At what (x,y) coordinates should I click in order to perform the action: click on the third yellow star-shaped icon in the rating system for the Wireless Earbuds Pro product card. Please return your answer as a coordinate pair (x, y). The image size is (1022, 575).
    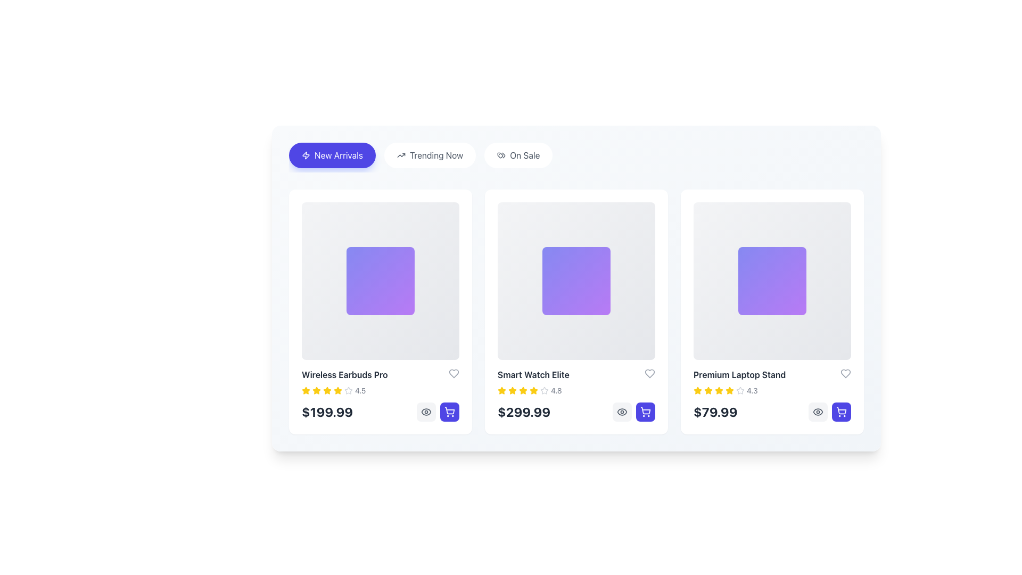
    Looking at the image, I should click on (326, 390).